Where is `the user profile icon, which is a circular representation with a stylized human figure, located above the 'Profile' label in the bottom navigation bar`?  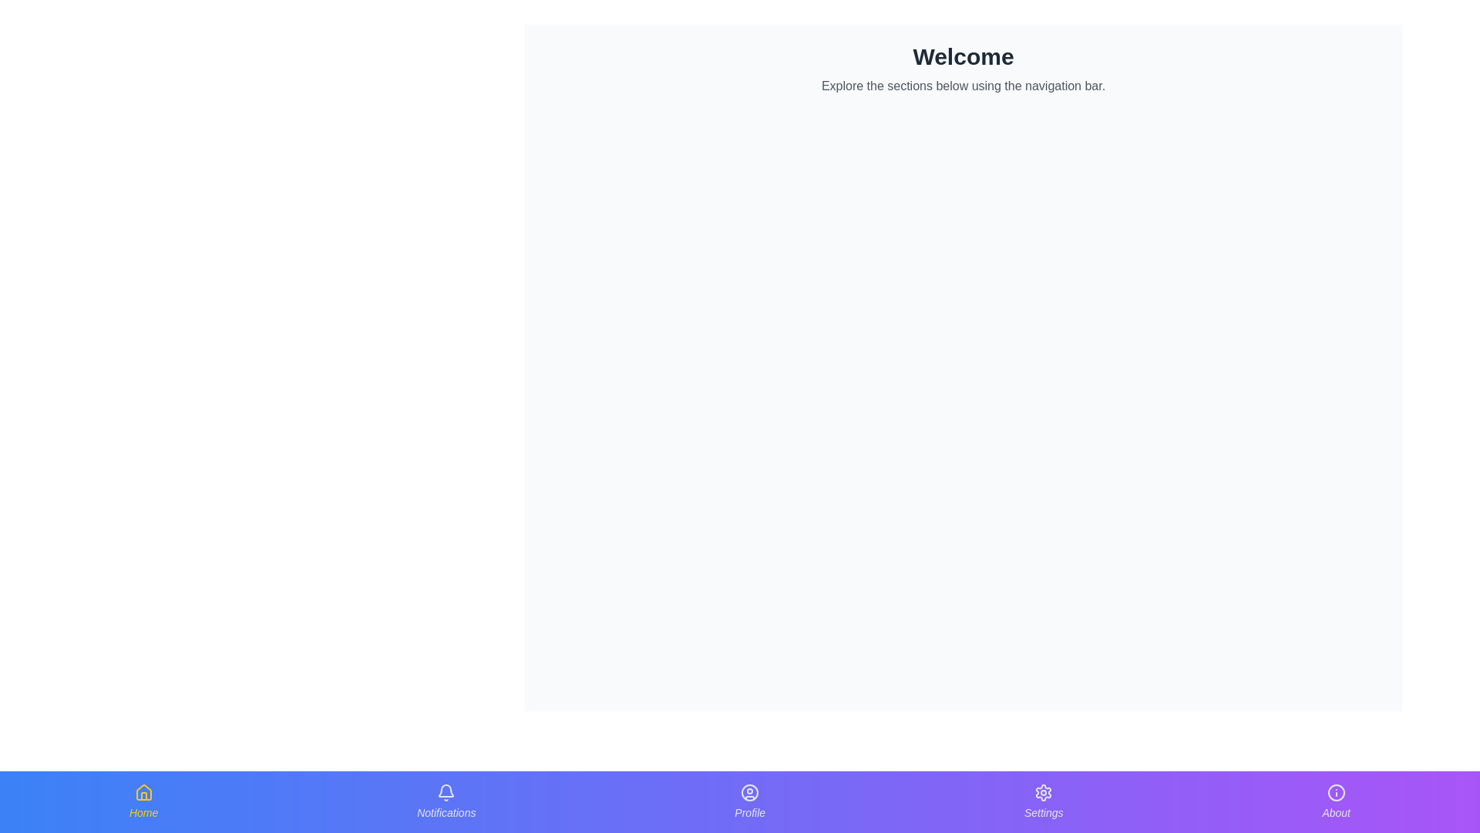 the user profile icon, which is a circular representation with a stylized human figure, located above the 'Profile' label in the bottom navigation bar is located at coordinates (750, 793).